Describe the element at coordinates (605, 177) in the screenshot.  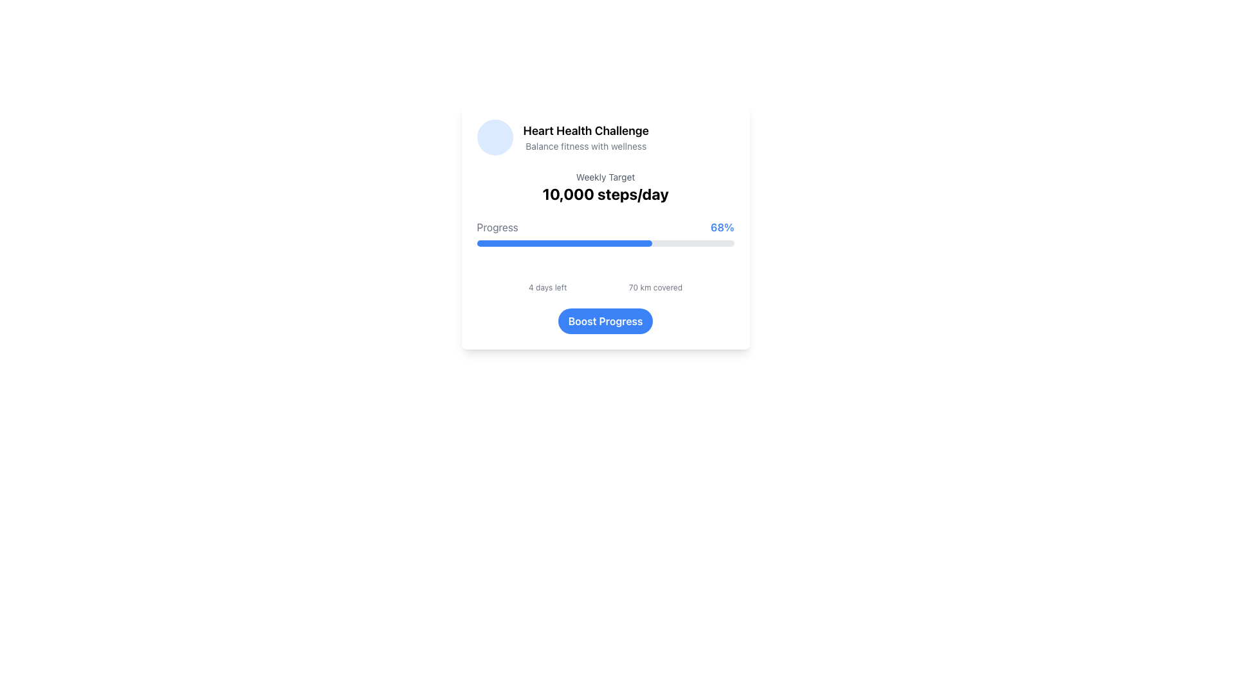
I see `the 'Weekly Target' text label, which is styled in gray and positioned above the '10,000 steps/day' label` at that location.